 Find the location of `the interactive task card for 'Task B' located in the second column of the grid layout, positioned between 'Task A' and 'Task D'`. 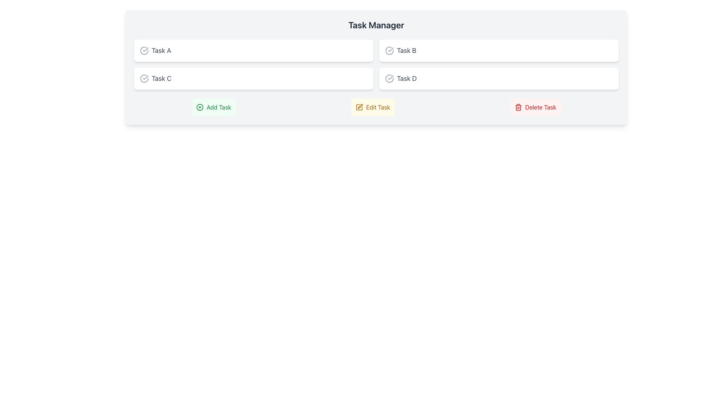

the interactive task card for 'Task B' located in the second column of the grid layout, positioned between 'Task A' and 'Task D' is located at coordinates (499, 50).